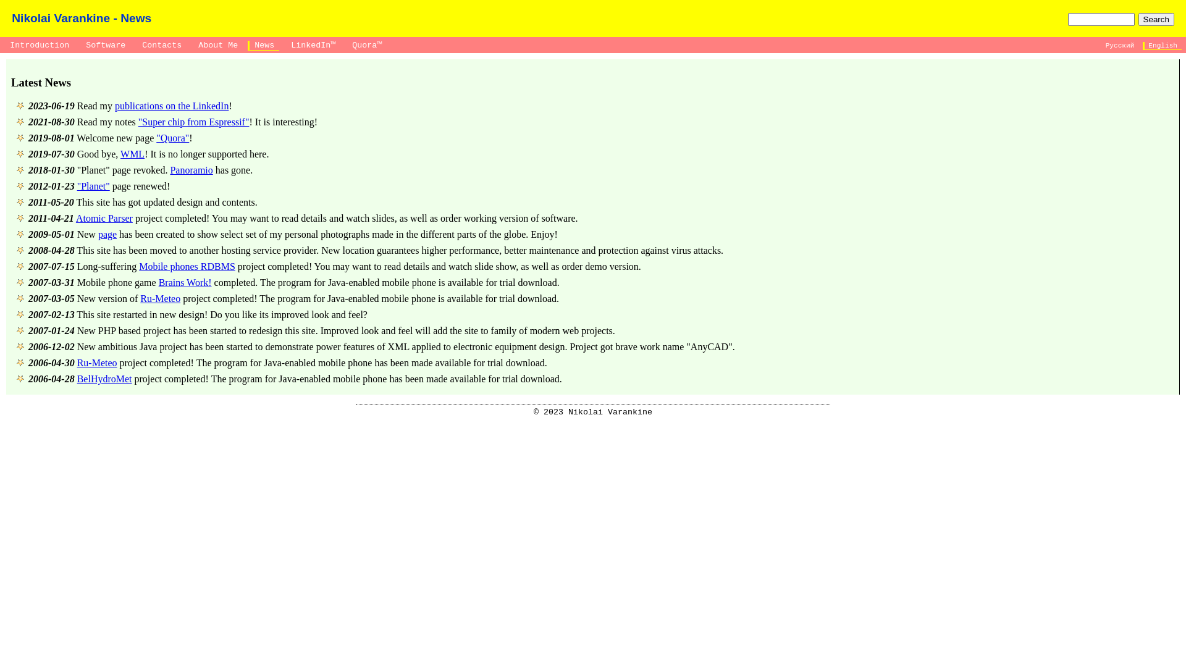 The width and height of the screenshot is (1186, 667). What do you see at coordinates (263, 44) in the screenshot?
I see `' News '` at bounding box center [263, 44].